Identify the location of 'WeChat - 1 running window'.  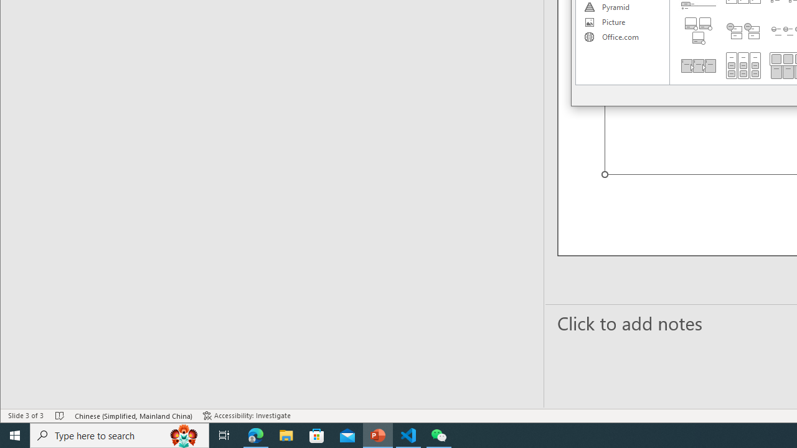
(439, 434).